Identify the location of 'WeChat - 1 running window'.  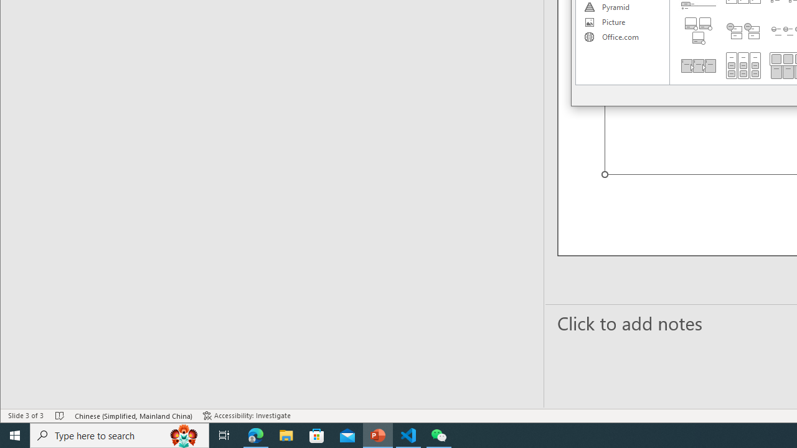
(439, 434).